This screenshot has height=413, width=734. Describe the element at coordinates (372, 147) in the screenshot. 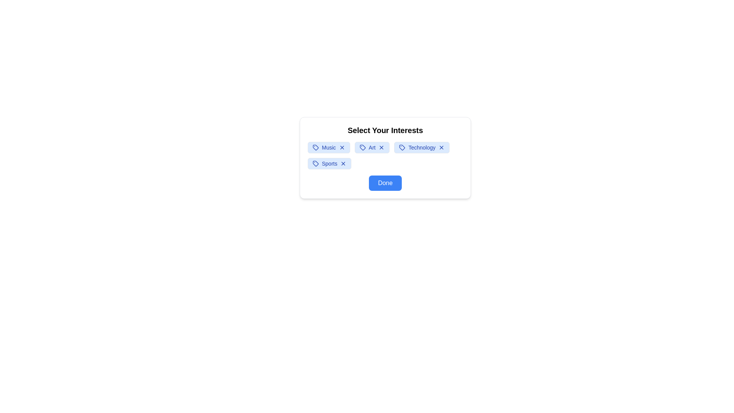

I see `the text within the interest tag labeled 'Art' to select it` at that location.